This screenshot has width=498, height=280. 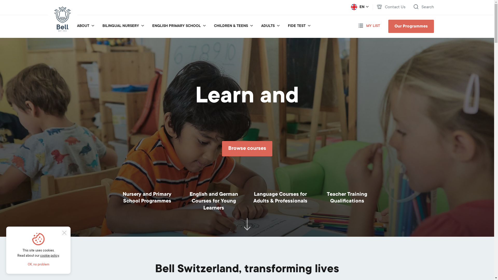 What do you see at coordinates (423, 7) in the screenshot?
I see `'Search'` at bounding box center [423, 7].